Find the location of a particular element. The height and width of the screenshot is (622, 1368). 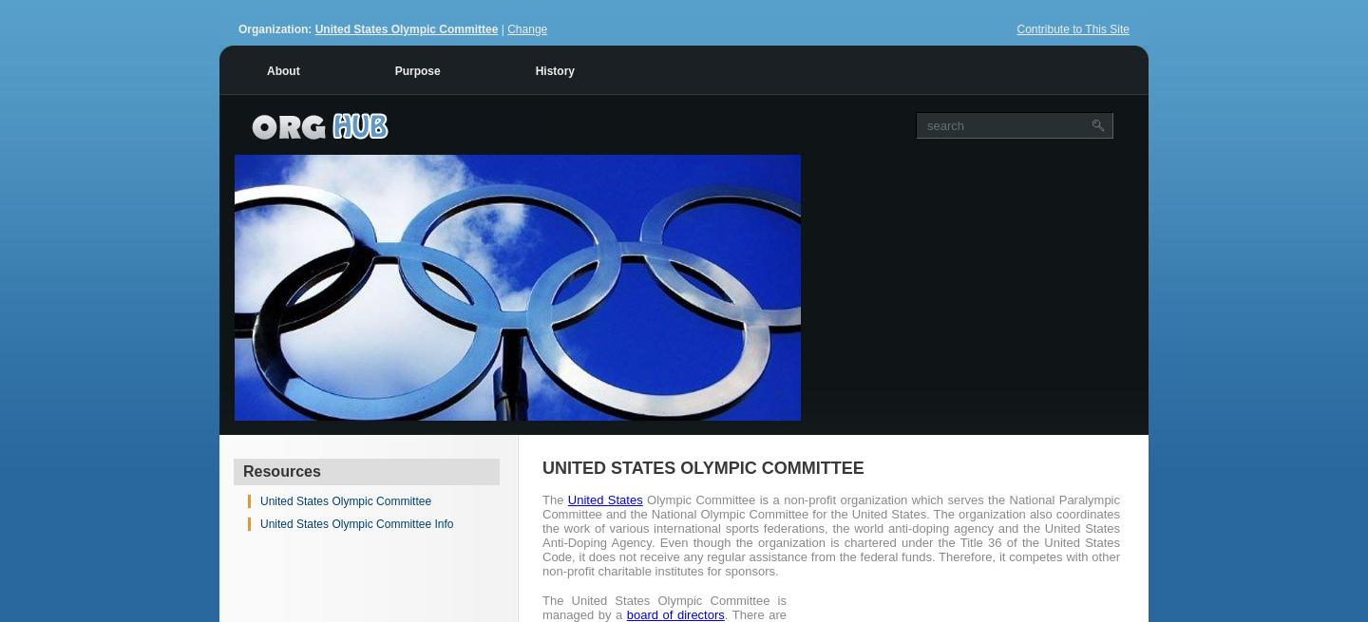

'Organization:' is located at coordinates (275, 28).